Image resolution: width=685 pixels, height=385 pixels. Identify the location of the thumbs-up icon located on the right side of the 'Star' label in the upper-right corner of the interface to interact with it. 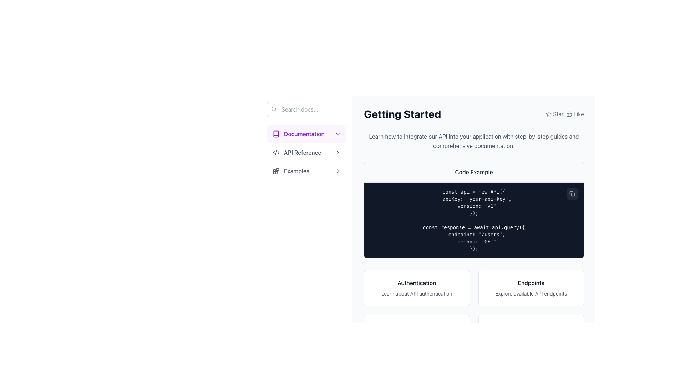
(568, 114).